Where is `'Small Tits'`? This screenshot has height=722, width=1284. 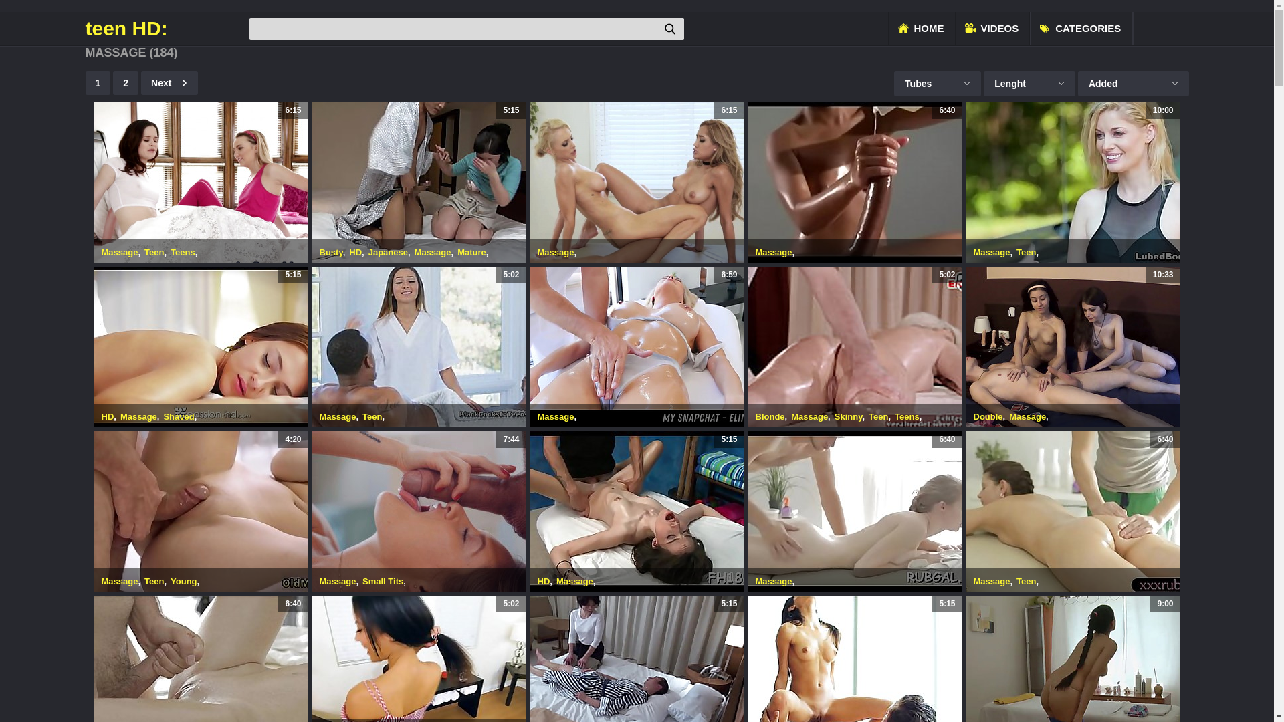
'Small Tits' is located at coordinates (382, 580).